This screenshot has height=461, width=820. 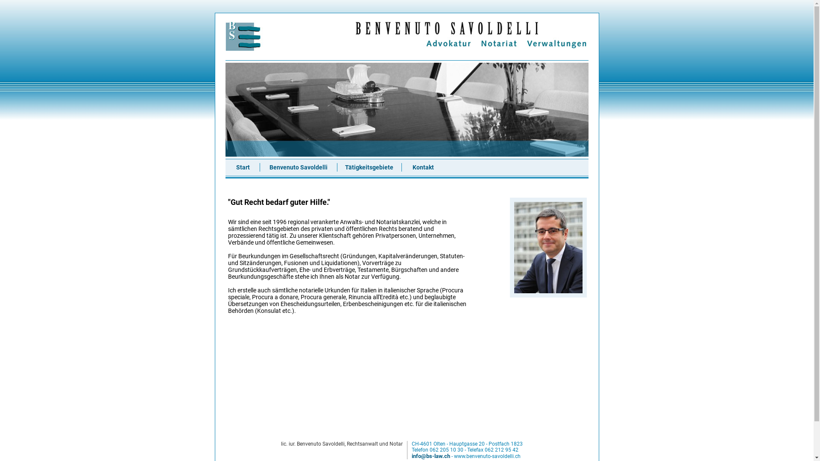 What do you see at coordinates (423, 167) in the screenshot?
I see `'Kontakt'` at bounding box center [423, 167].